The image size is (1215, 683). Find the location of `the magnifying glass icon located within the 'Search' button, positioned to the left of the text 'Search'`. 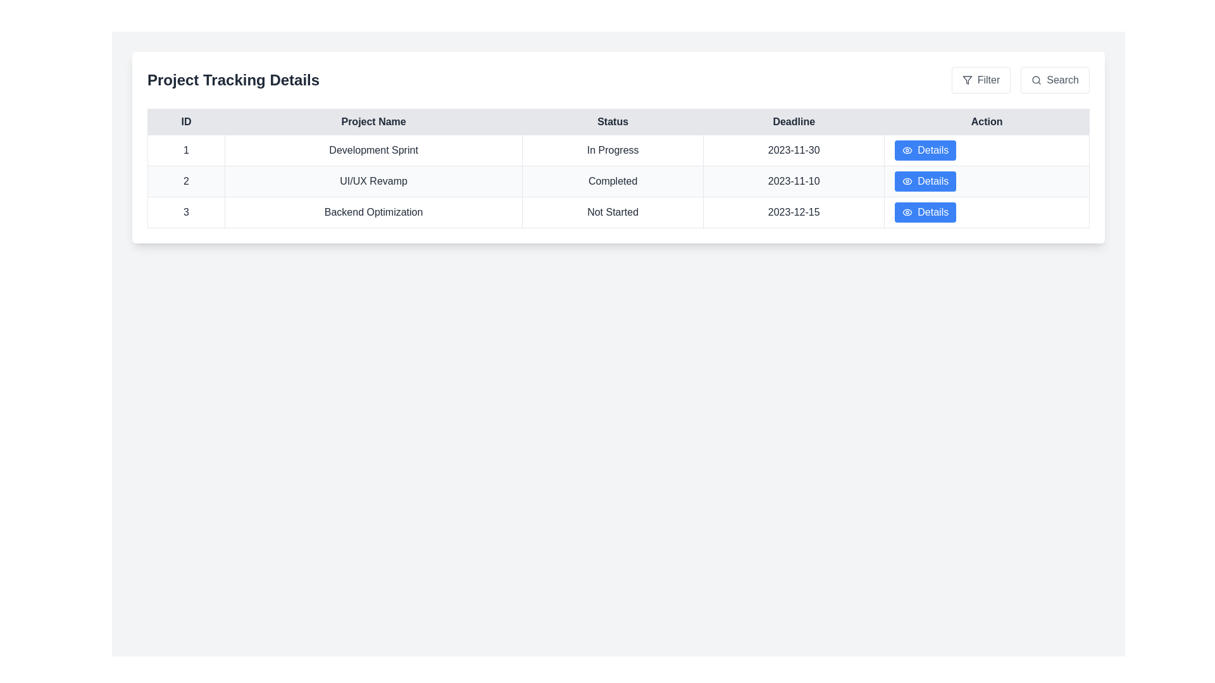

the magnifying glass icon located within the 'Search' button, positioned to the left of the text 'Search' is located at coordinates (1037, 80).